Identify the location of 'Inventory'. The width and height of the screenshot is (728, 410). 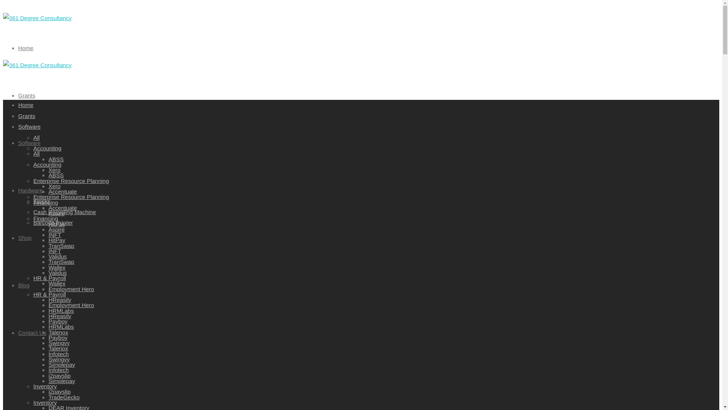
(33, 386).